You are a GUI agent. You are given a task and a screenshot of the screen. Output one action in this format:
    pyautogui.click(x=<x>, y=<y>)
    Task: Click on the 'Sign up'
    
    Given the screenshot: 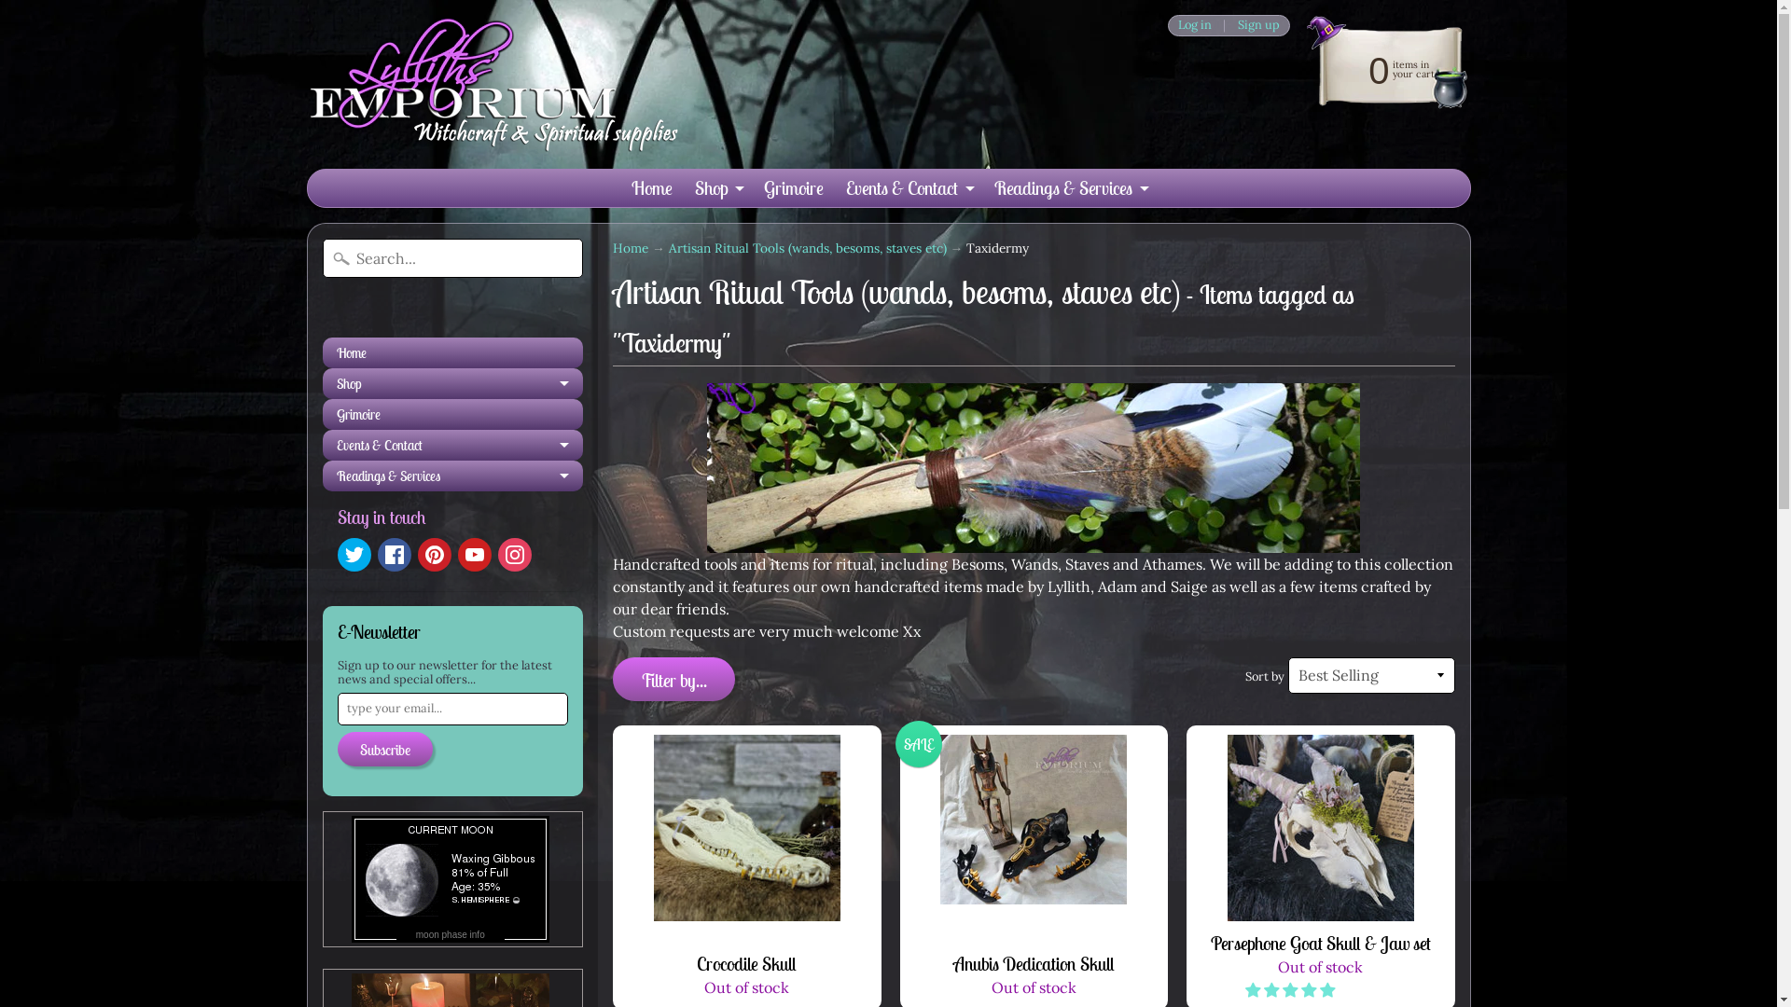 What is the action you would take?
    pyautogui.click(x=1228, y=25)
    